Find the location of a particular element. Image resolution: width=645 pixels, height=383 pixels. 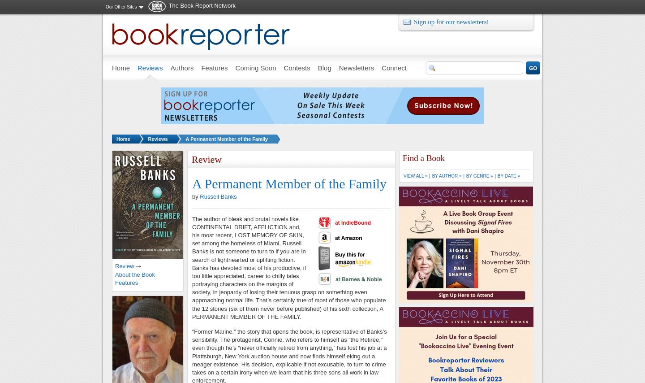

'By Author »' is located at coordinates (431, 175).